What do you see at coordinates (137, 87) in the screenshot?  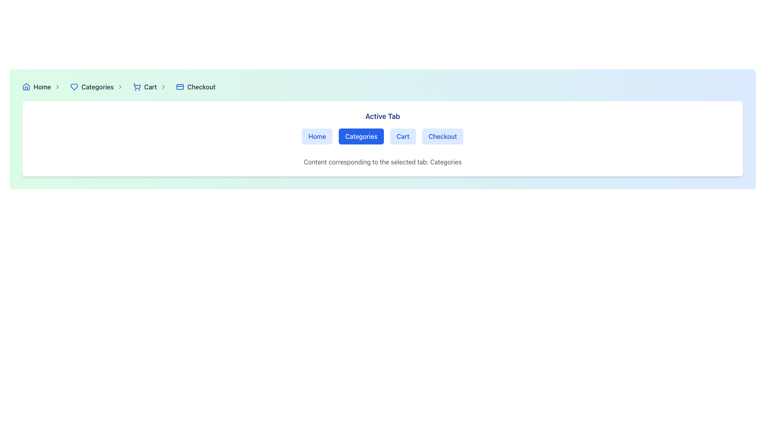 I see `the shopping cart icon, which is styled in blue and located within the breadcrumb navigation bar, preceding the 'Cart' text` at bounding box center [137, 87].